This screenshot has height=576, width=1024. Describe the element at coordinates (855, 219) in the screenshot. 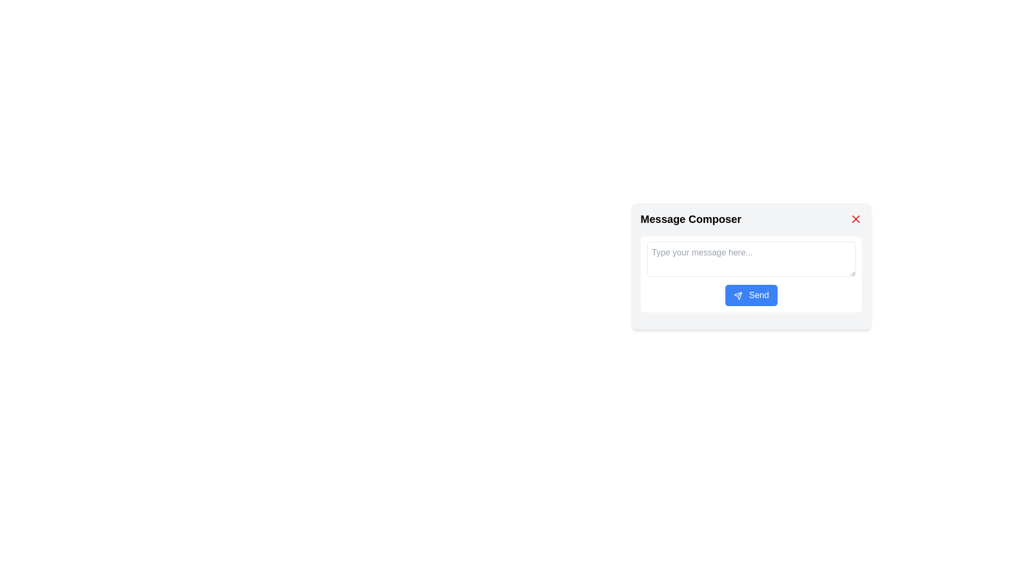

I see `the toggle or close button located at the top-right corner of the 'Message Composer' panel` at that location.